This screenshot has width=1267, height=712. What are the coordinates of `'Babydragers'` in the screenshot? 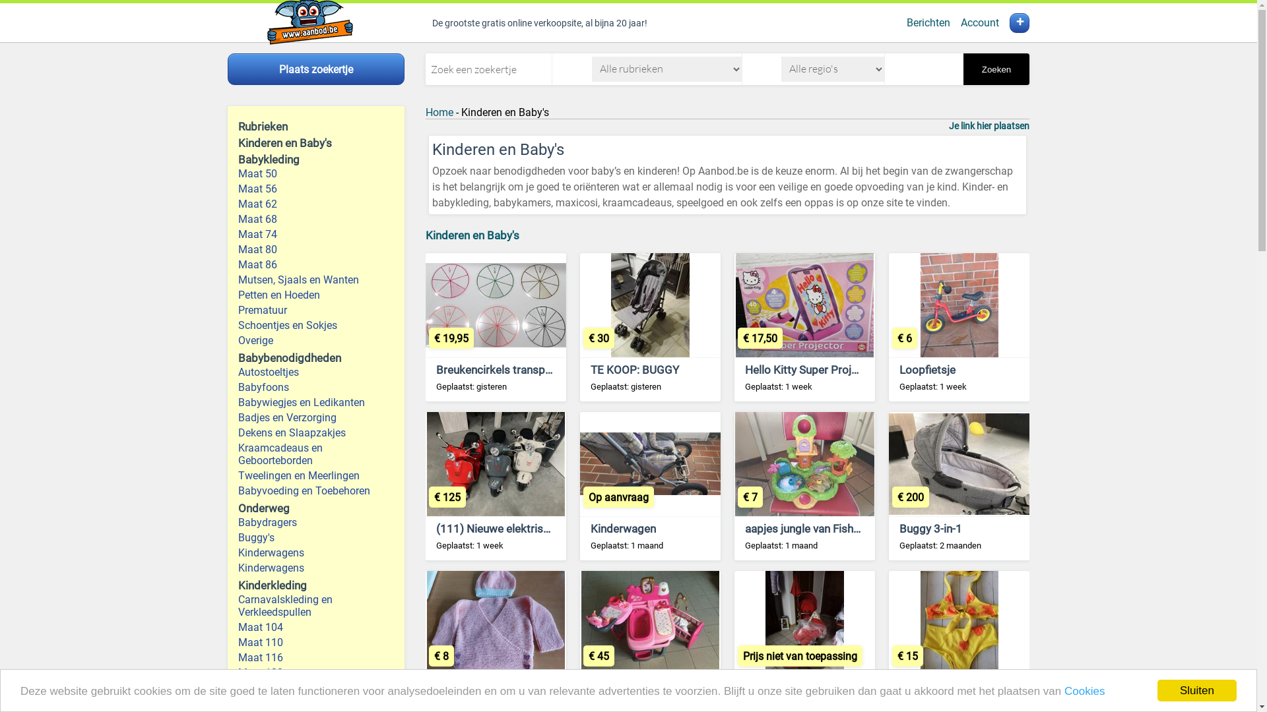 It's located at (315, 521).